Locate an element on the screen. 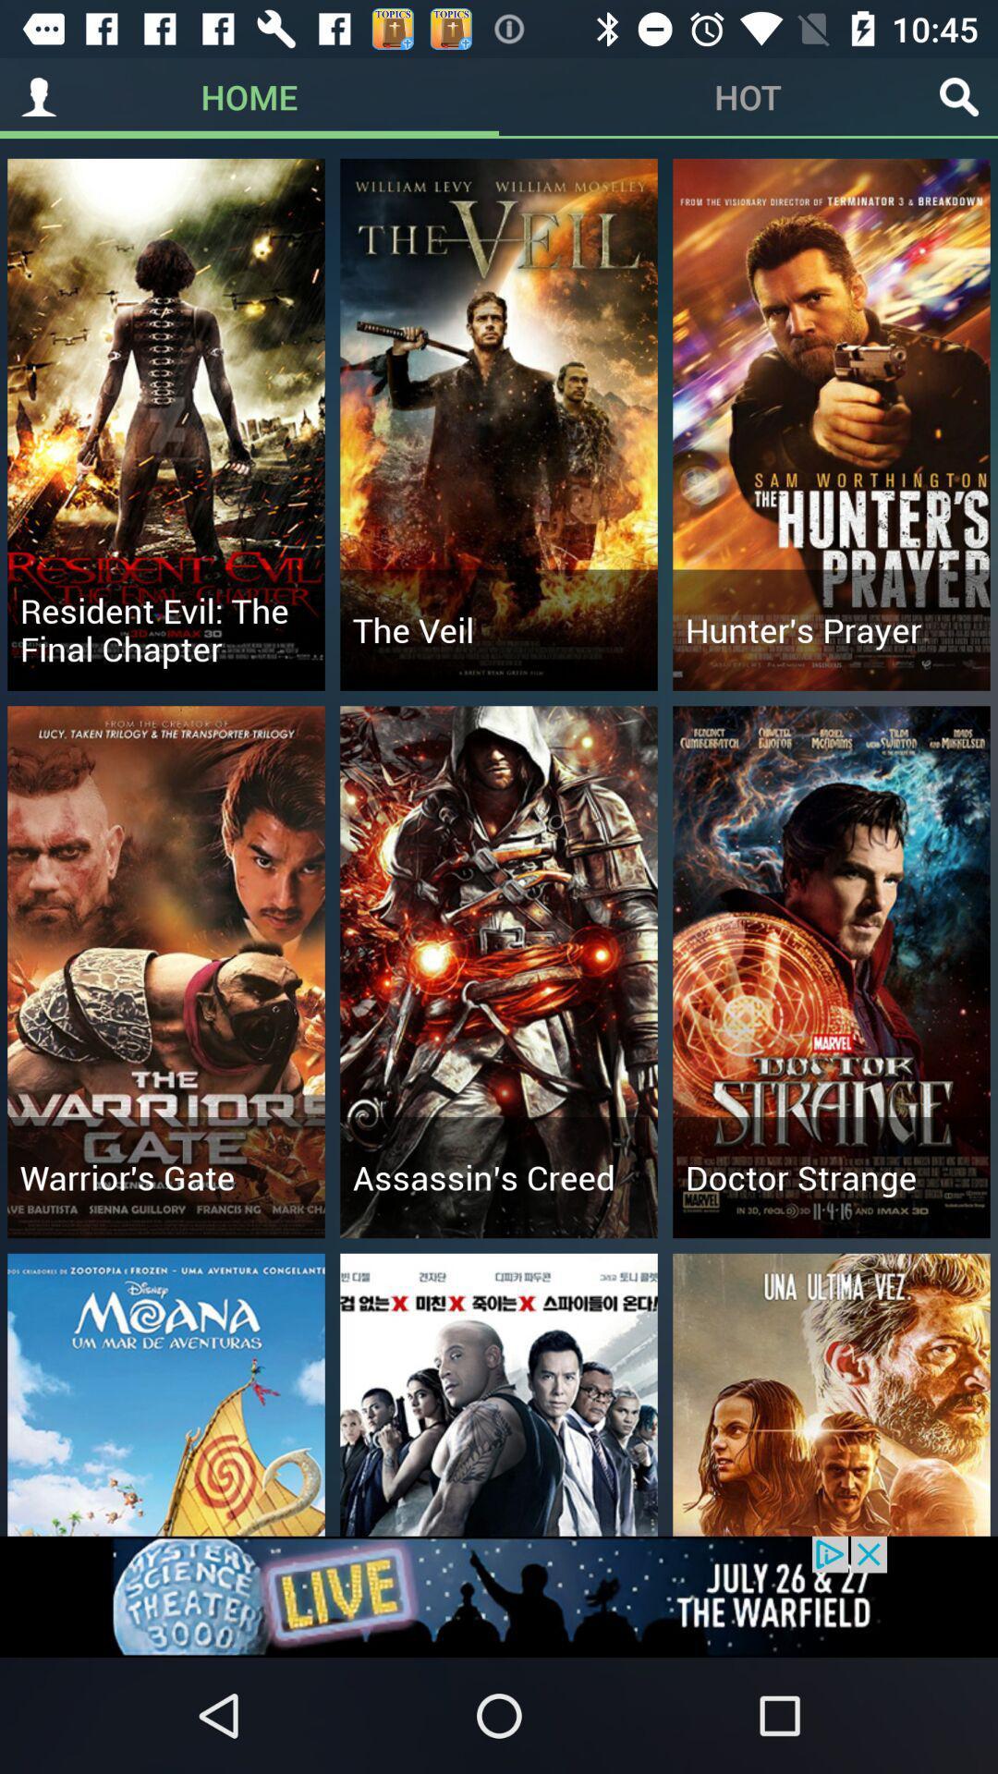 The height and width of the screenshot is (1774, 998). the first image from left above live in the bottom is located at coordinates (166, 1395).